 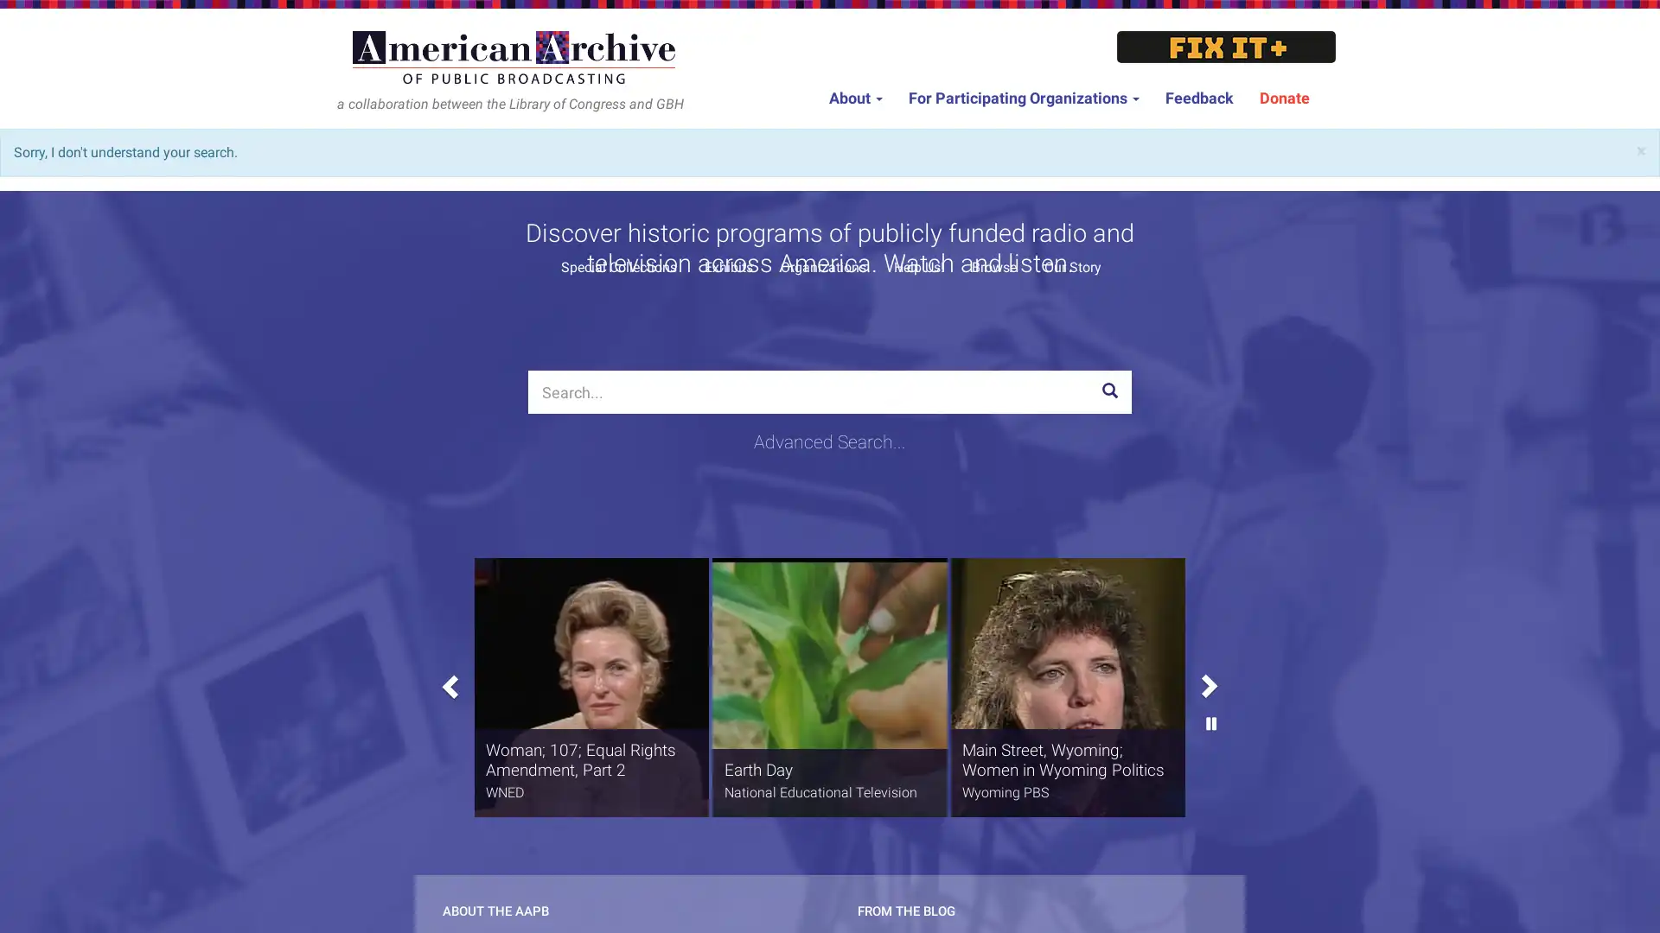 What do you see at coordinates (1210, 613) in the screenshot?
I see `Next` at bounding box center [1210, 613].